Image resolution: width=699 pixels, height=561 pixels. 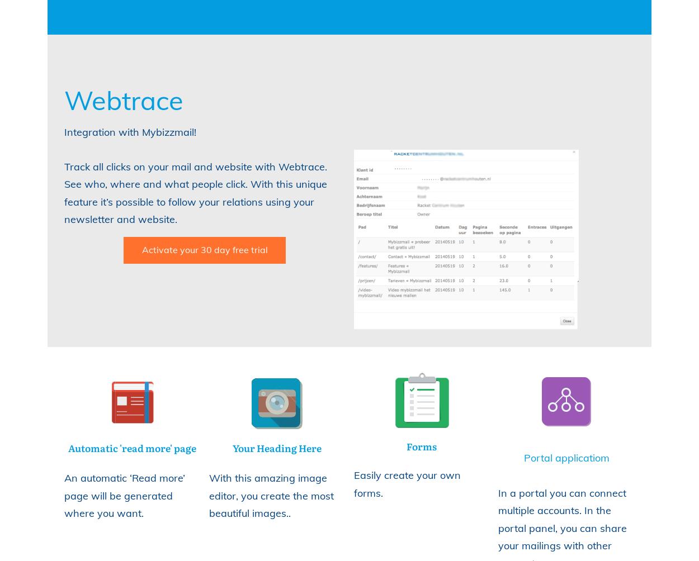 What do you see at coordinates (276, 448) in the screenshot?
I see `'Your Heading Here'` at bounding box center [276, 448].